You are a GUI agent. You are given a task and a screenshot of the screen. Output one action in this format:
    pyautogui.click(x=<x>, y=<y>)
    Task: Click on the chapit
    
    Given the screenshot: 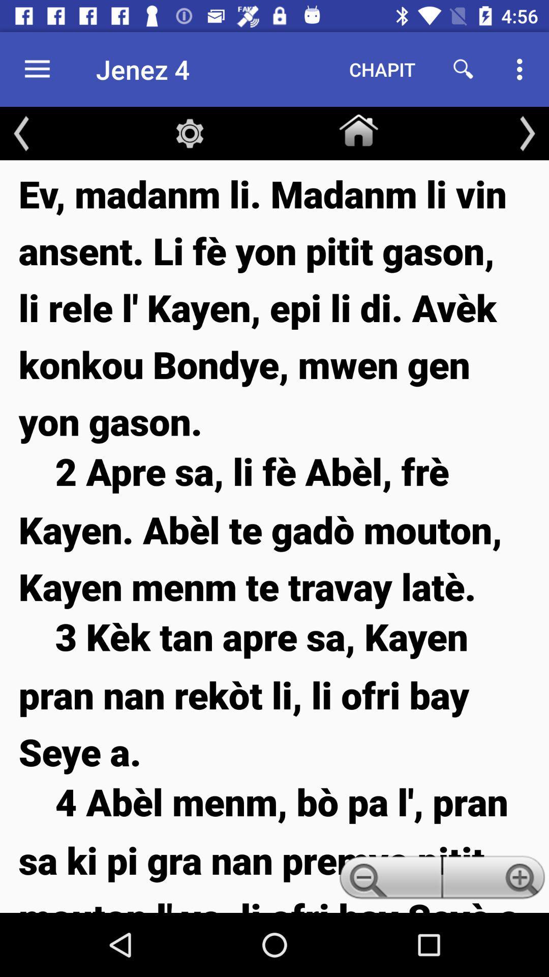 What is the action you would take?
    pyautogui.click(x=382, y=69)
    